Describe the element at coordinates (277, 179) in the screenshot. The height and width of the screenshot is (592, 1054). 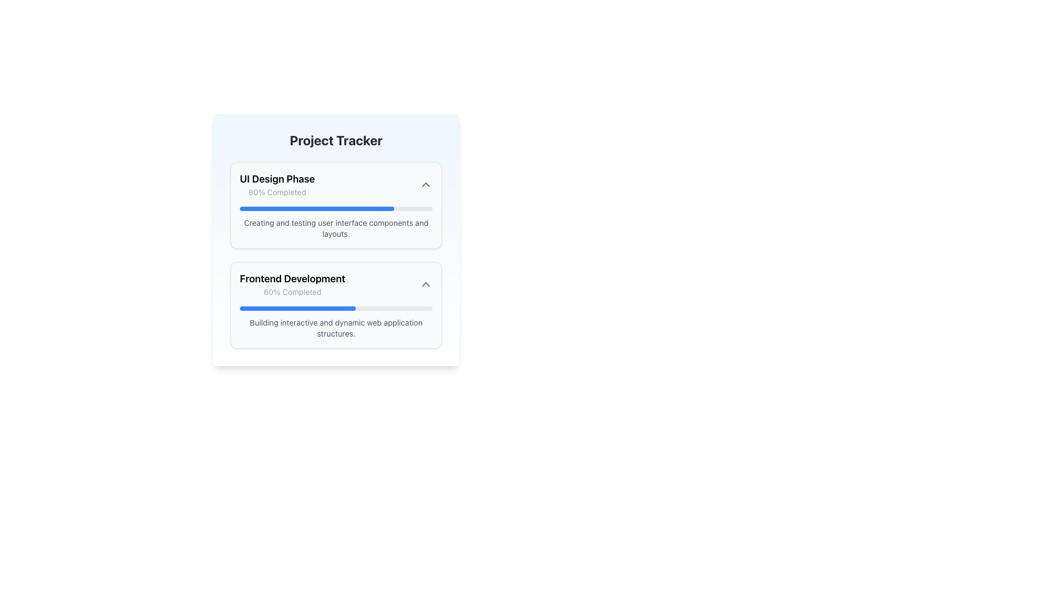
I see `the text label that serves as a title for the section, indicating the progress of the UI design phase, which states 'UI Design Phase 80% Completed'` at that location.